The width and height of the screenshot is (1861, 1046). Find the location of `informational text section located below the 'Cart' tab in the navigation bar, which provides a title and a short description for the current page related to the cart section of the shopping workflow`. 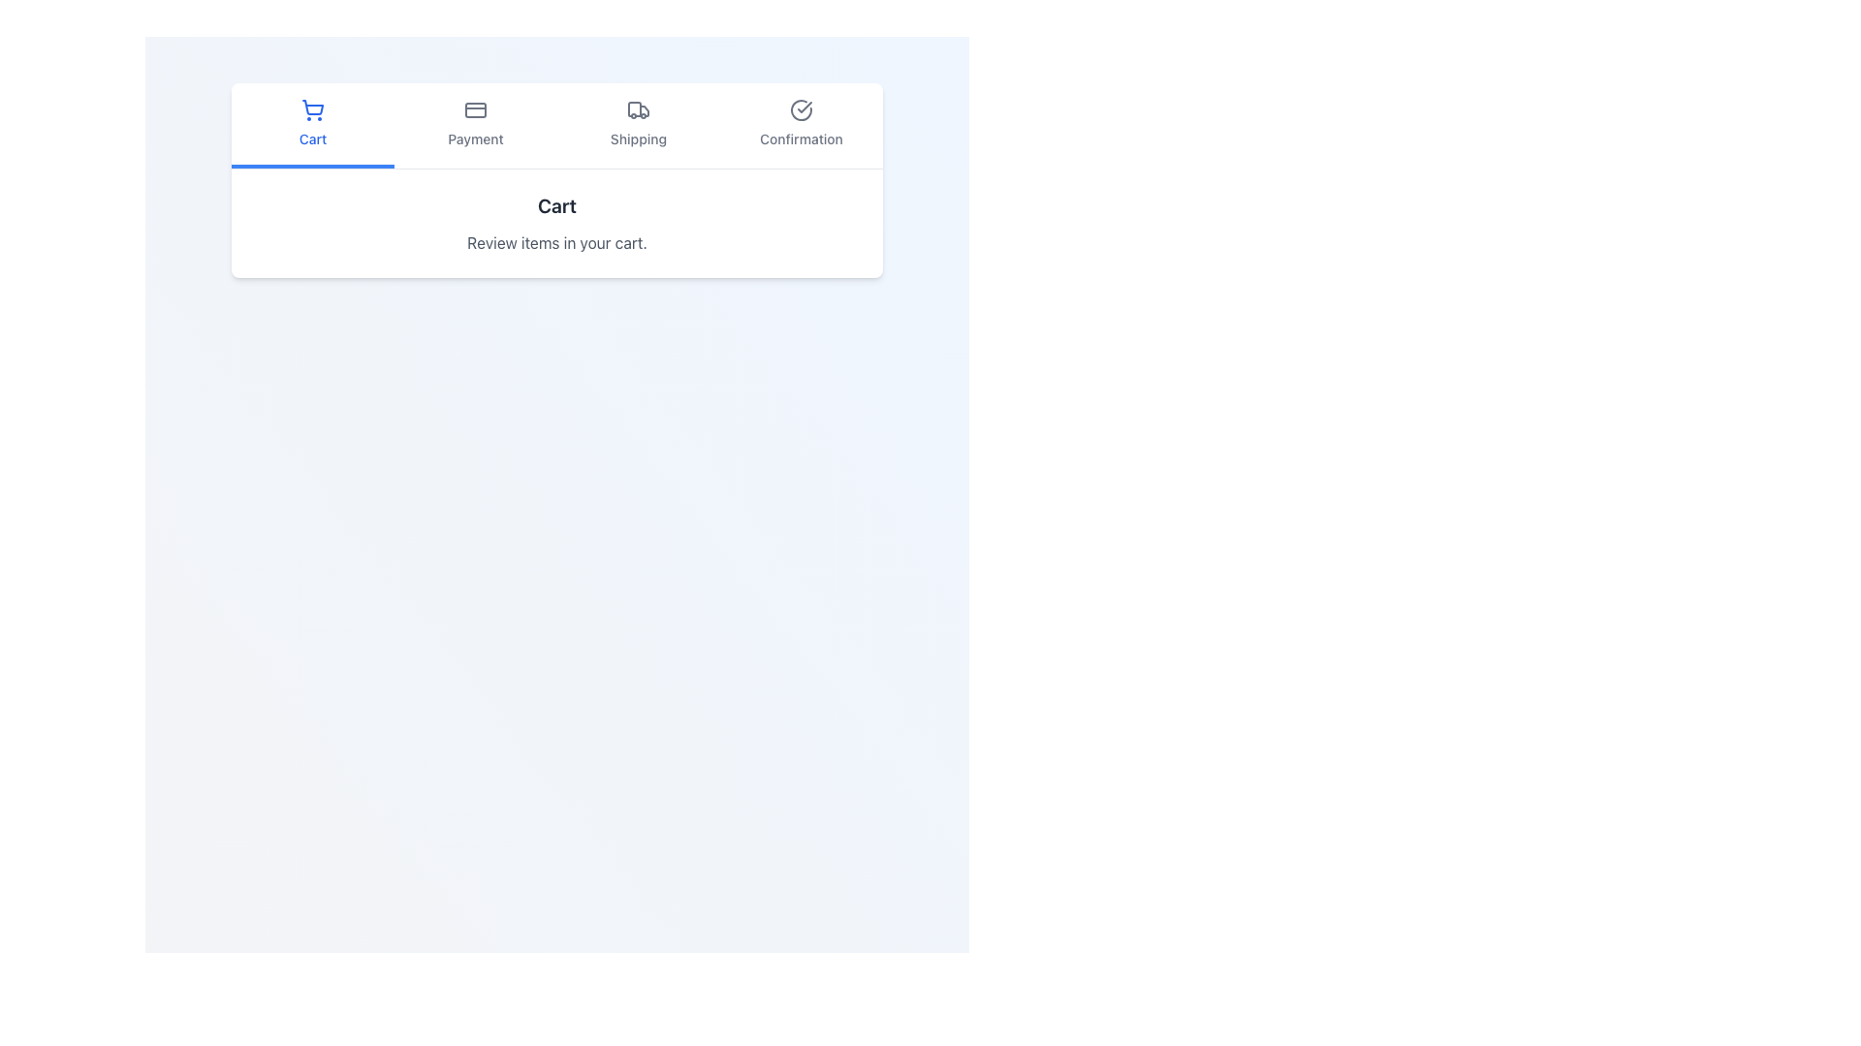

informational text section located below the 'Cart' tab in the navigation bar, which provides a title and a short description for the current page related to the cart section of the shopping workflow is located at coordinates (556, 223).